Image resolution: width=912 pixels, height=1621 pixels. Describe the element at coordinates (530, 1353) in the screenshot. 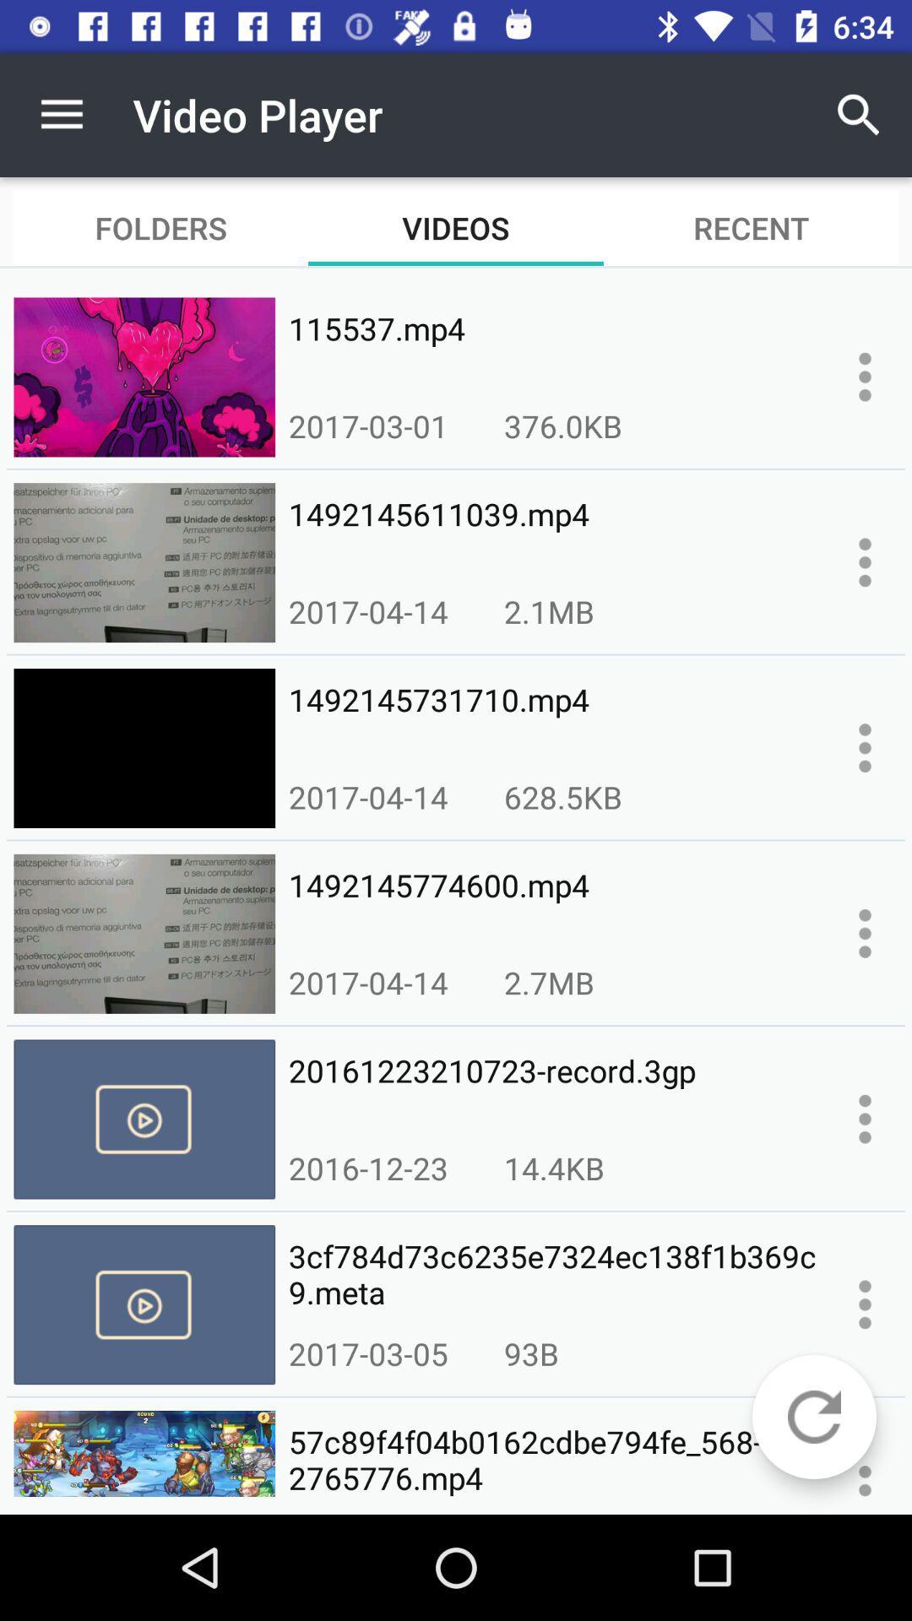

I see `icon to the right of the 2017-03-05 icon` at that location.